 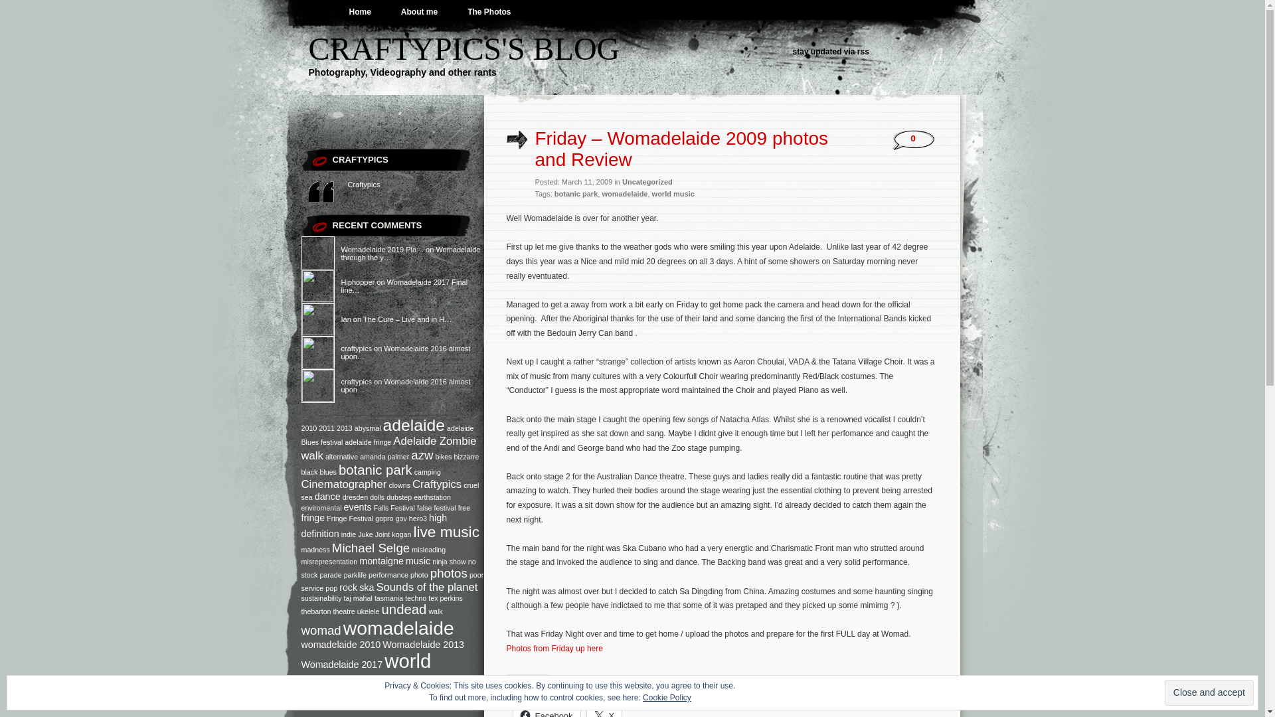 What do you see at coordinates (367, 428) in the screenshot?
I see `'abysmal'` at bounding box center [367, 428].